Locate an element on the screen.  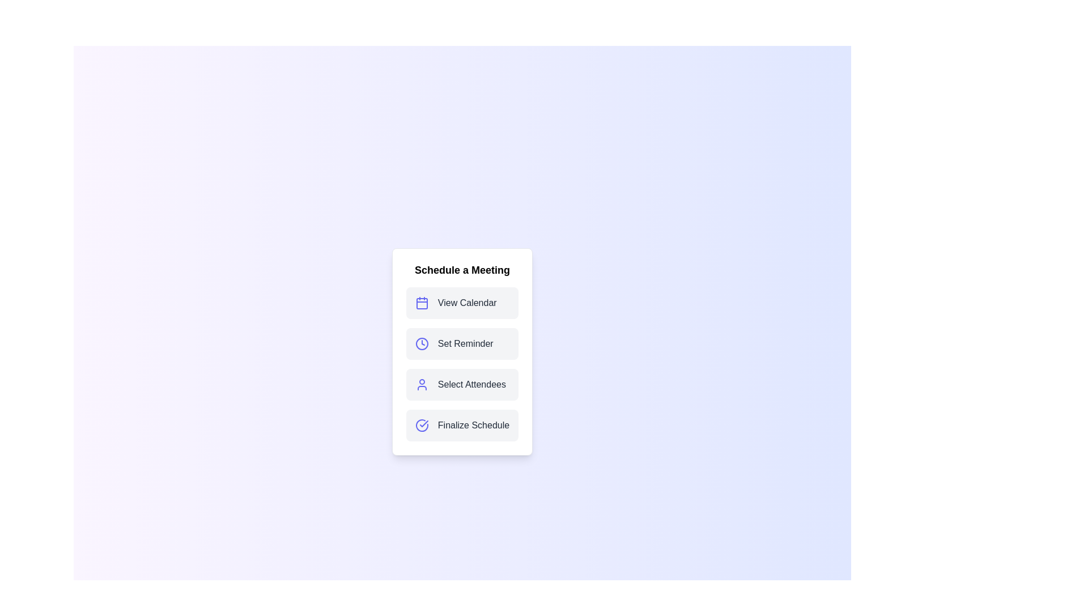
the Finalize Schedule menu option to trigger its action is located at coordinates (462, 426).